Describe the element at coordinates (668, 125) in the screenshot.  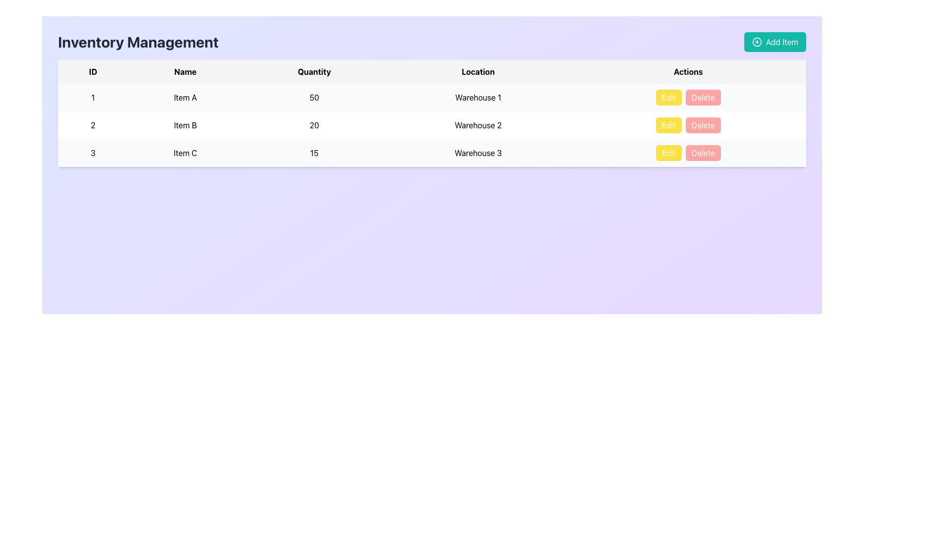
I see `the 'Edit' button with a yellow background and white text in the 'Actions' column of the second row` at that location.